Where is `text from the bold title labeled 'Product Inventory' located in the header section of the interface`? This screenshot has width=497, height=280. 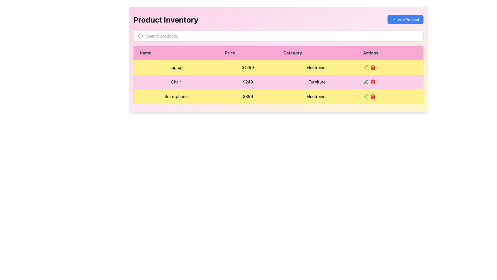
text from the bold title labeled 'Product Inventory' located in the header section of the interface is located at coordinates (166, 19).